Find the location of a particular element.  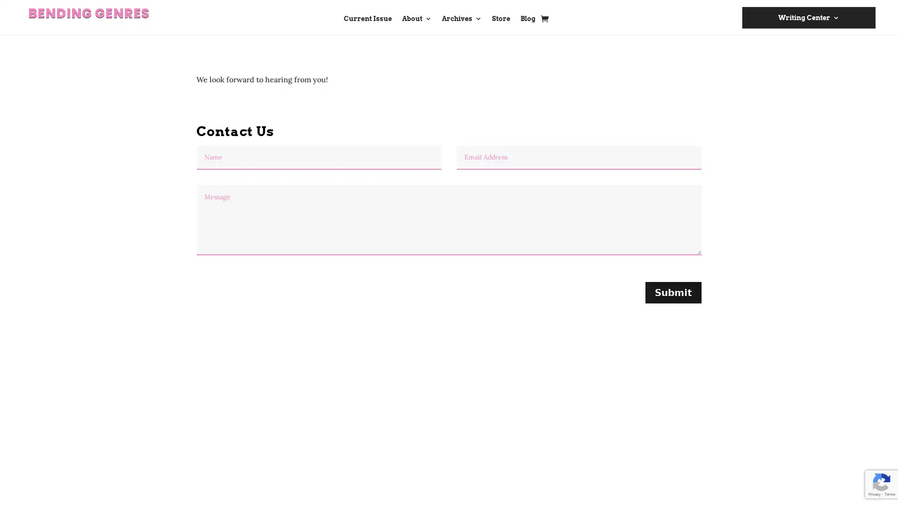

Submit is located at coordinates (673, 291).